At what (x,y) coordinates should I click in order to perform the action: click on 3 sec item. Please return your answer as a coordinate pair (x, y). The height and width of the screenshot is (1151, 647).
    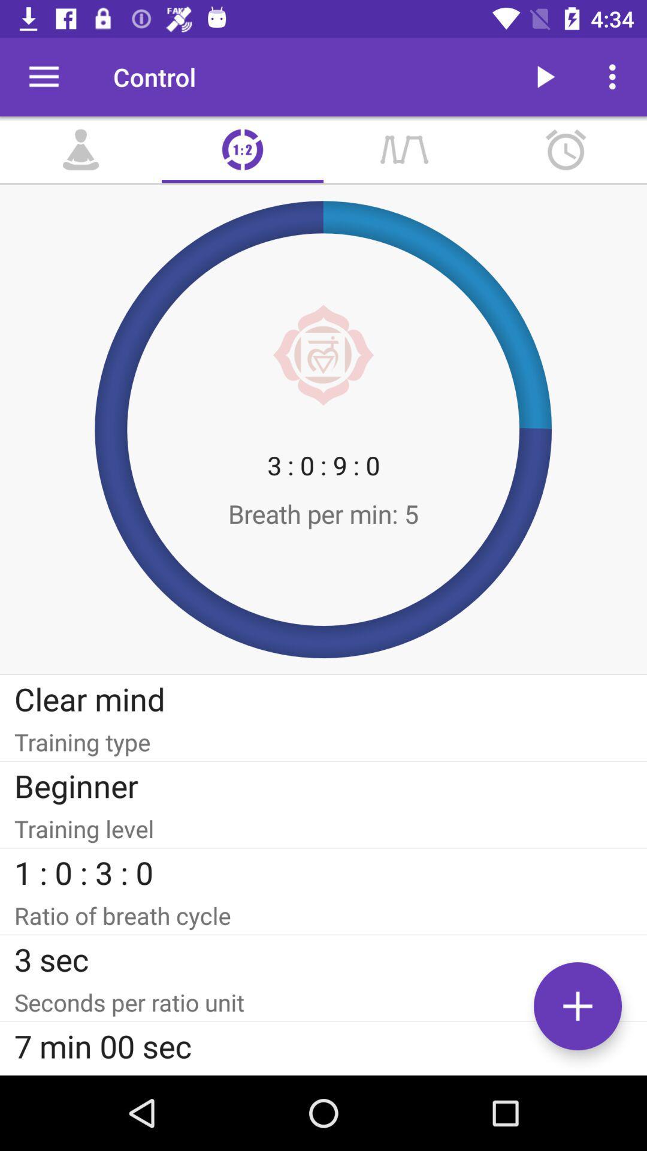
    Looking at the image, I should click on (323, 959).